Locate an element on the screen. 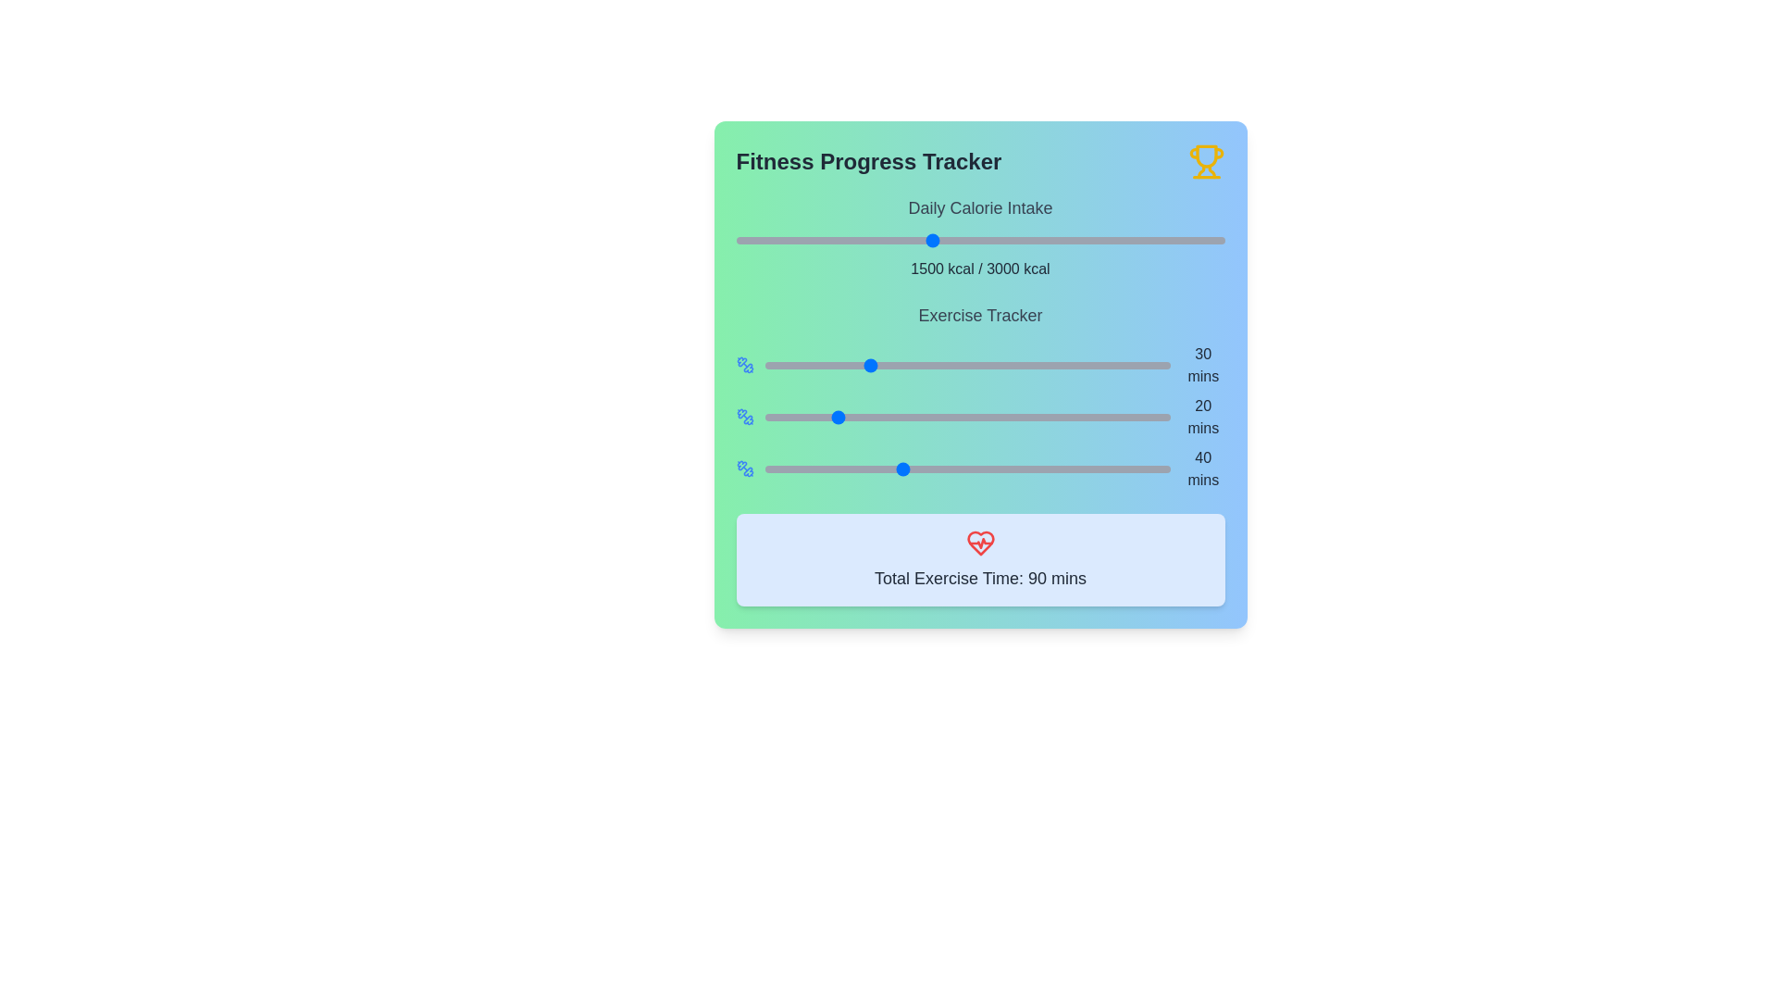 The height and width of the screenshot is (1000, 1777). the exercise duration is located at coordinates (1079, 468).